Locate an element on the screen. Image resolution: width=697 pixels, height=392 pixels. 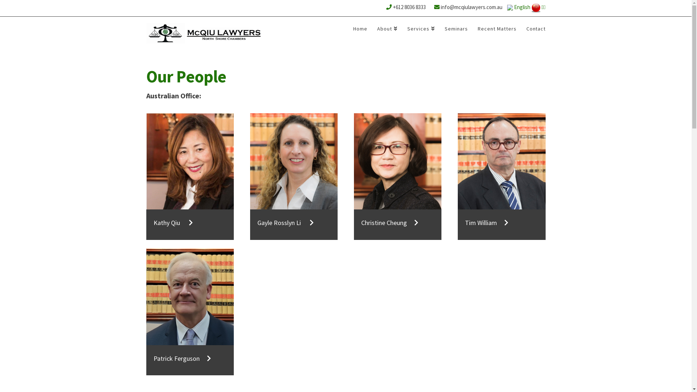
'Seminars' is located at coordinates (456, 30).